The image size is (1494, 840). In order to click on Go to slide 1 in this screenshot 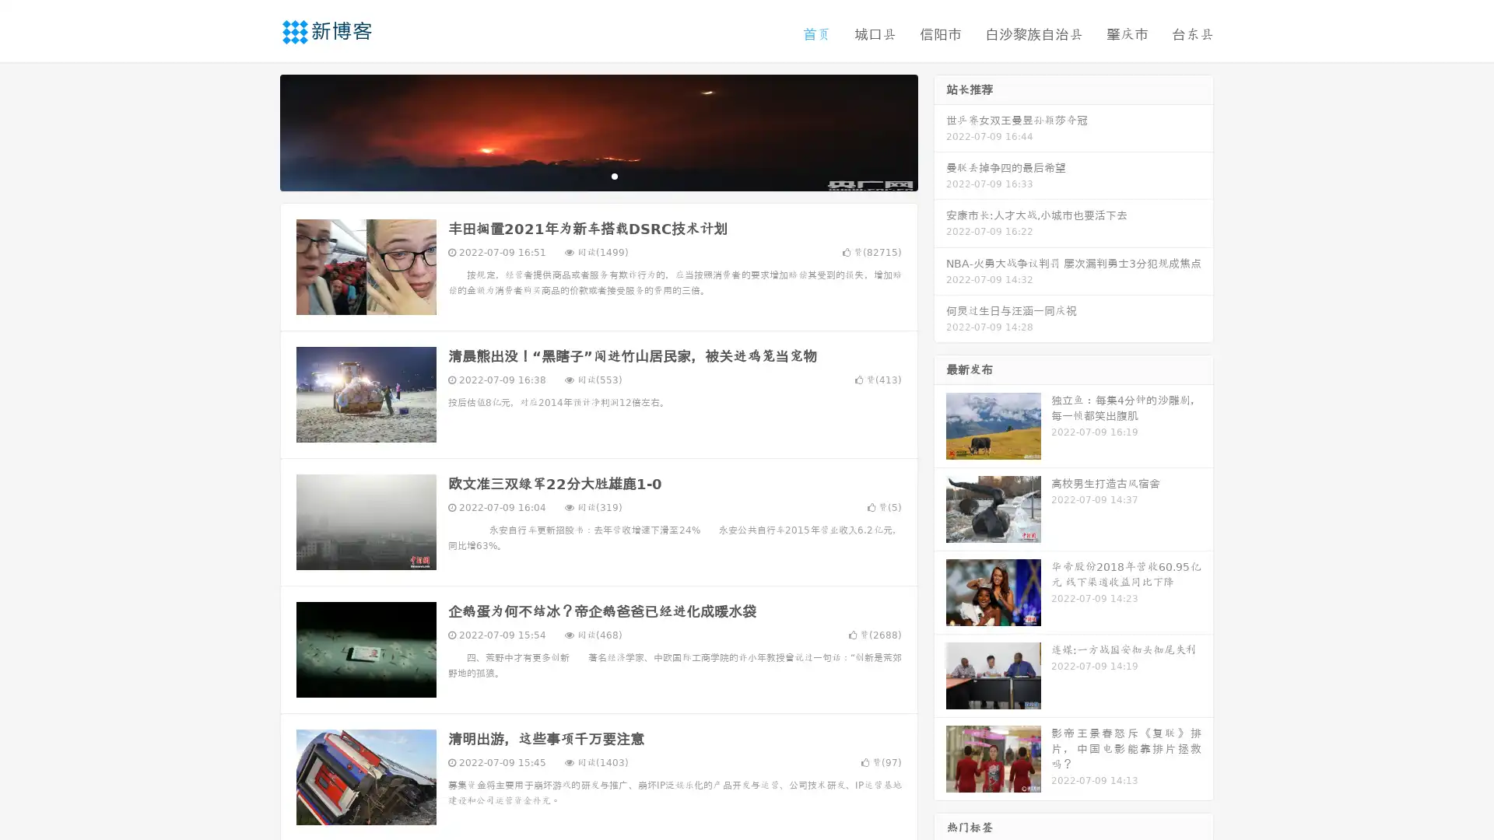, I will do `click(582, 175)`.